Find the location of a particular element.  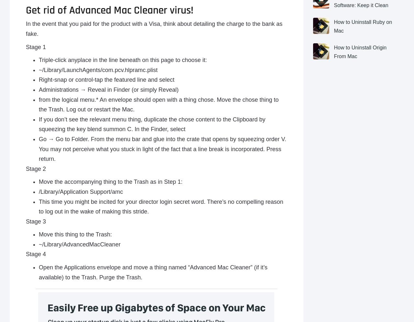

'Administrations → Reveal in Finder (or simply Reveal)' is located at coordinates (109, 89).